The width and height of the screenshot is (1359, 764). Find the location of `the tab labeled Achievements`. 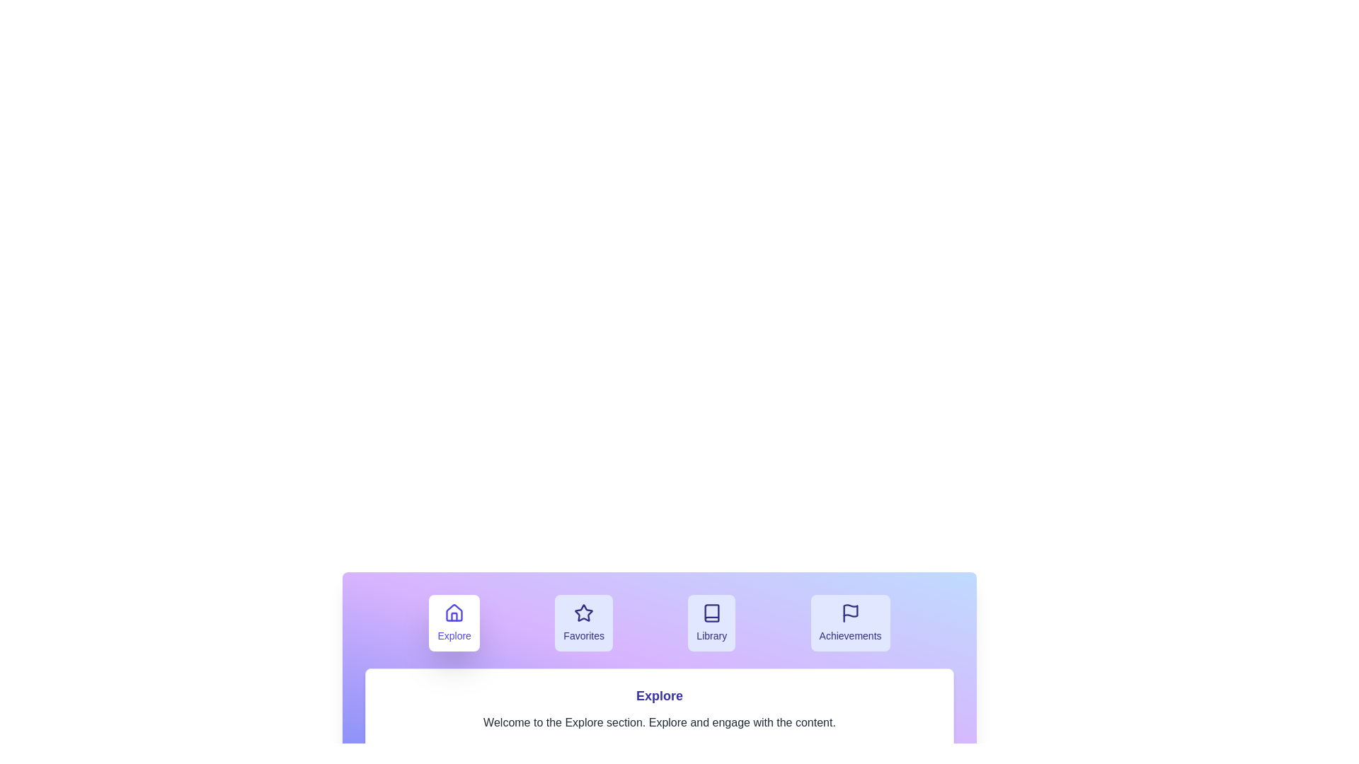

the tab labeled Achievements is located at coordinates (849, 622).